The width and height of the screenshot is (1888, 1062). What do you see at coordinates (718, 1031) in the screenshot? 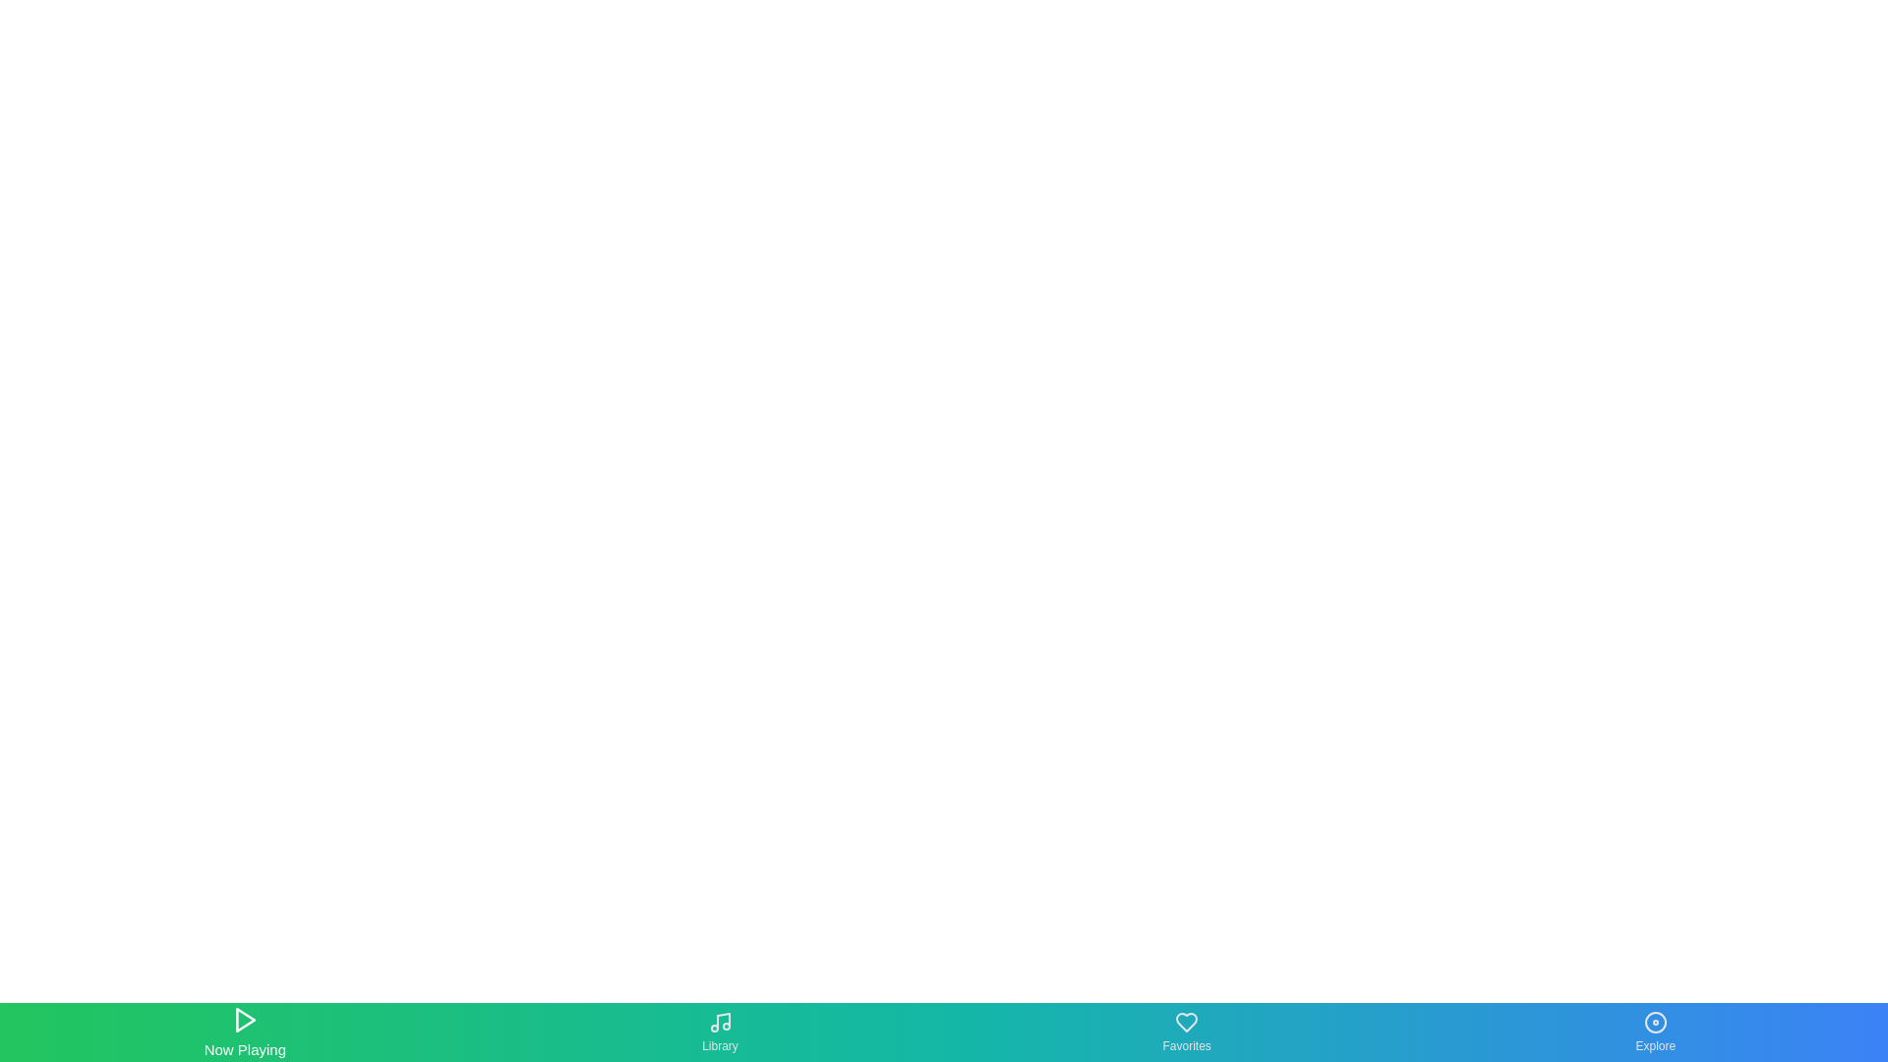
I see `the Library tab in the bottom navigation bar` at bounding box center [718, 1031].